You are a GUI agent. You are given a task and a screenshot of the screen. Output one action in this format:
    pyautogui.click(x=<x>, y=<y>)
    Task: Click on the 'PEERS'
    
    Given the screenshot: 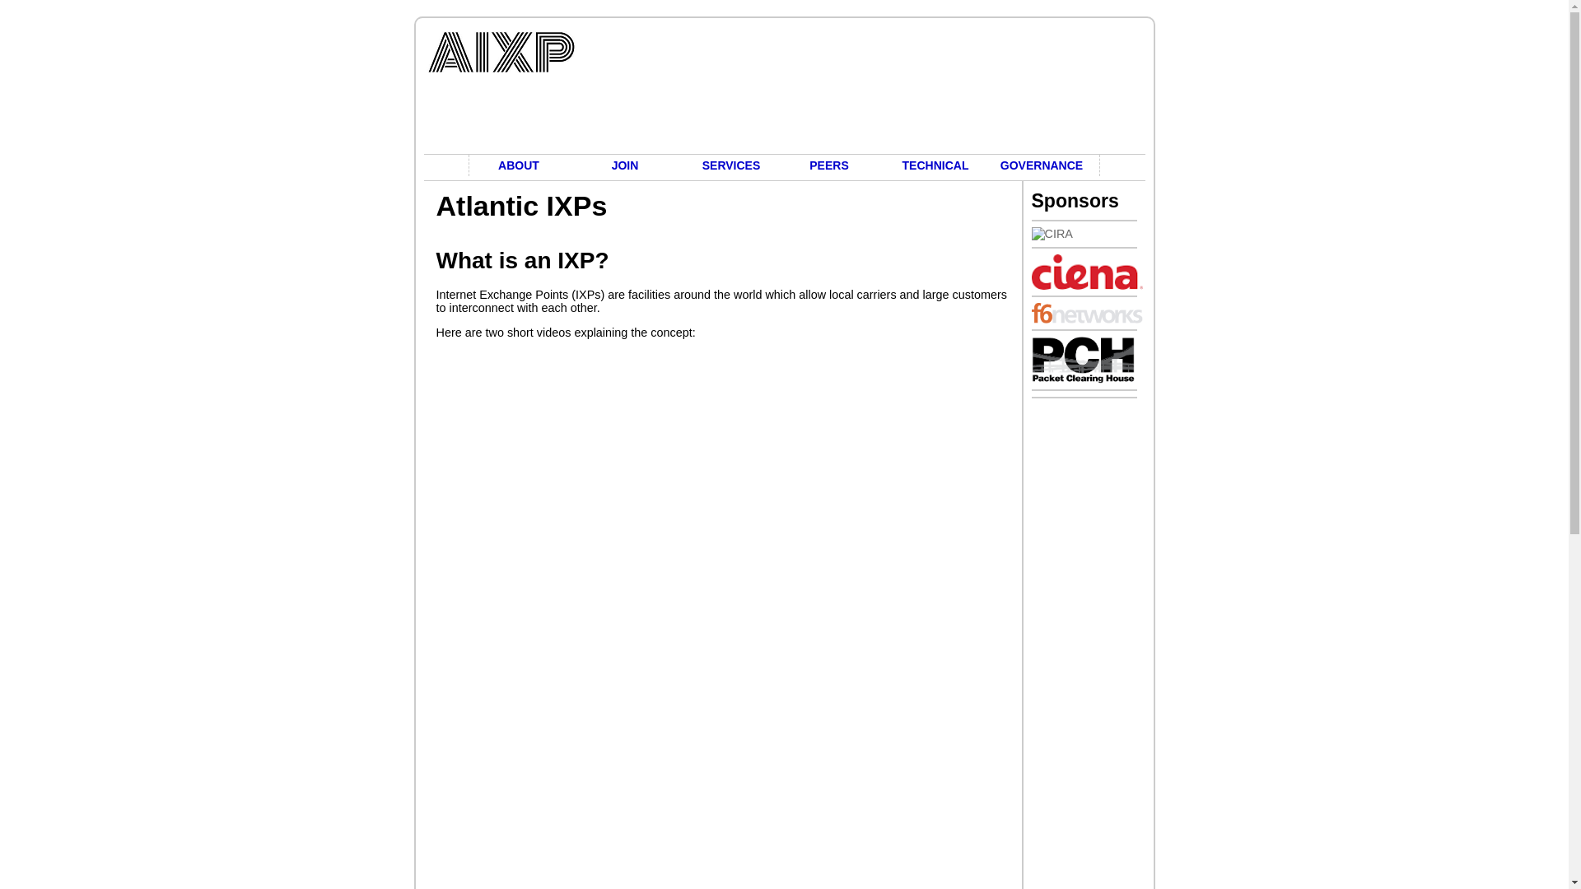 What is the action you would take?
    pyautogui.click(x=833, y=165)
    